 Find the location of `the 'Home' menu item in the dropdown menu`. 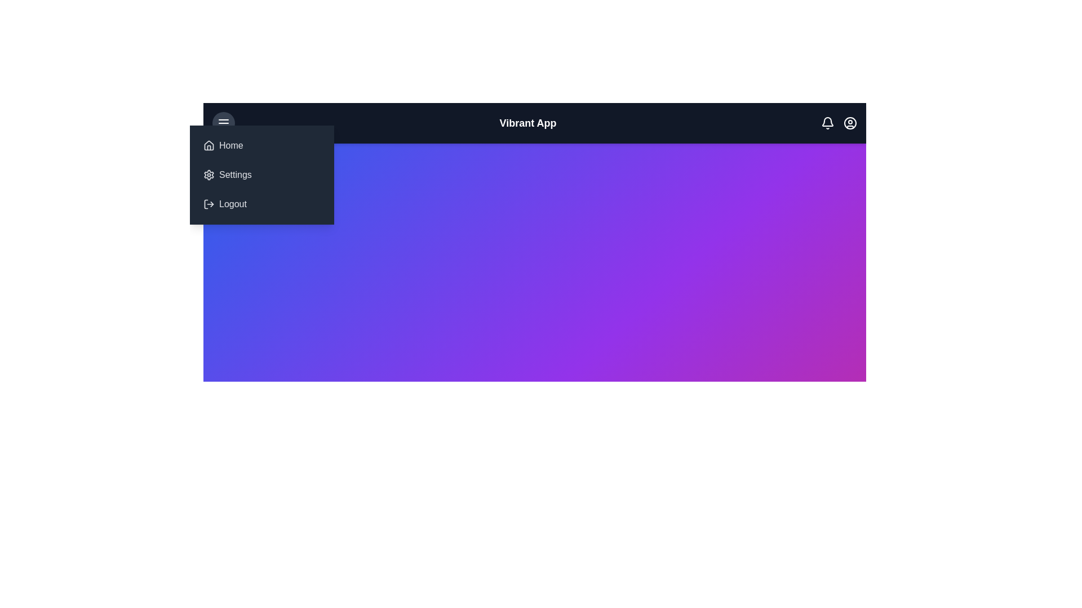

the 'Home' menu item in the dropdown menu is located at coordinates (261, 145).